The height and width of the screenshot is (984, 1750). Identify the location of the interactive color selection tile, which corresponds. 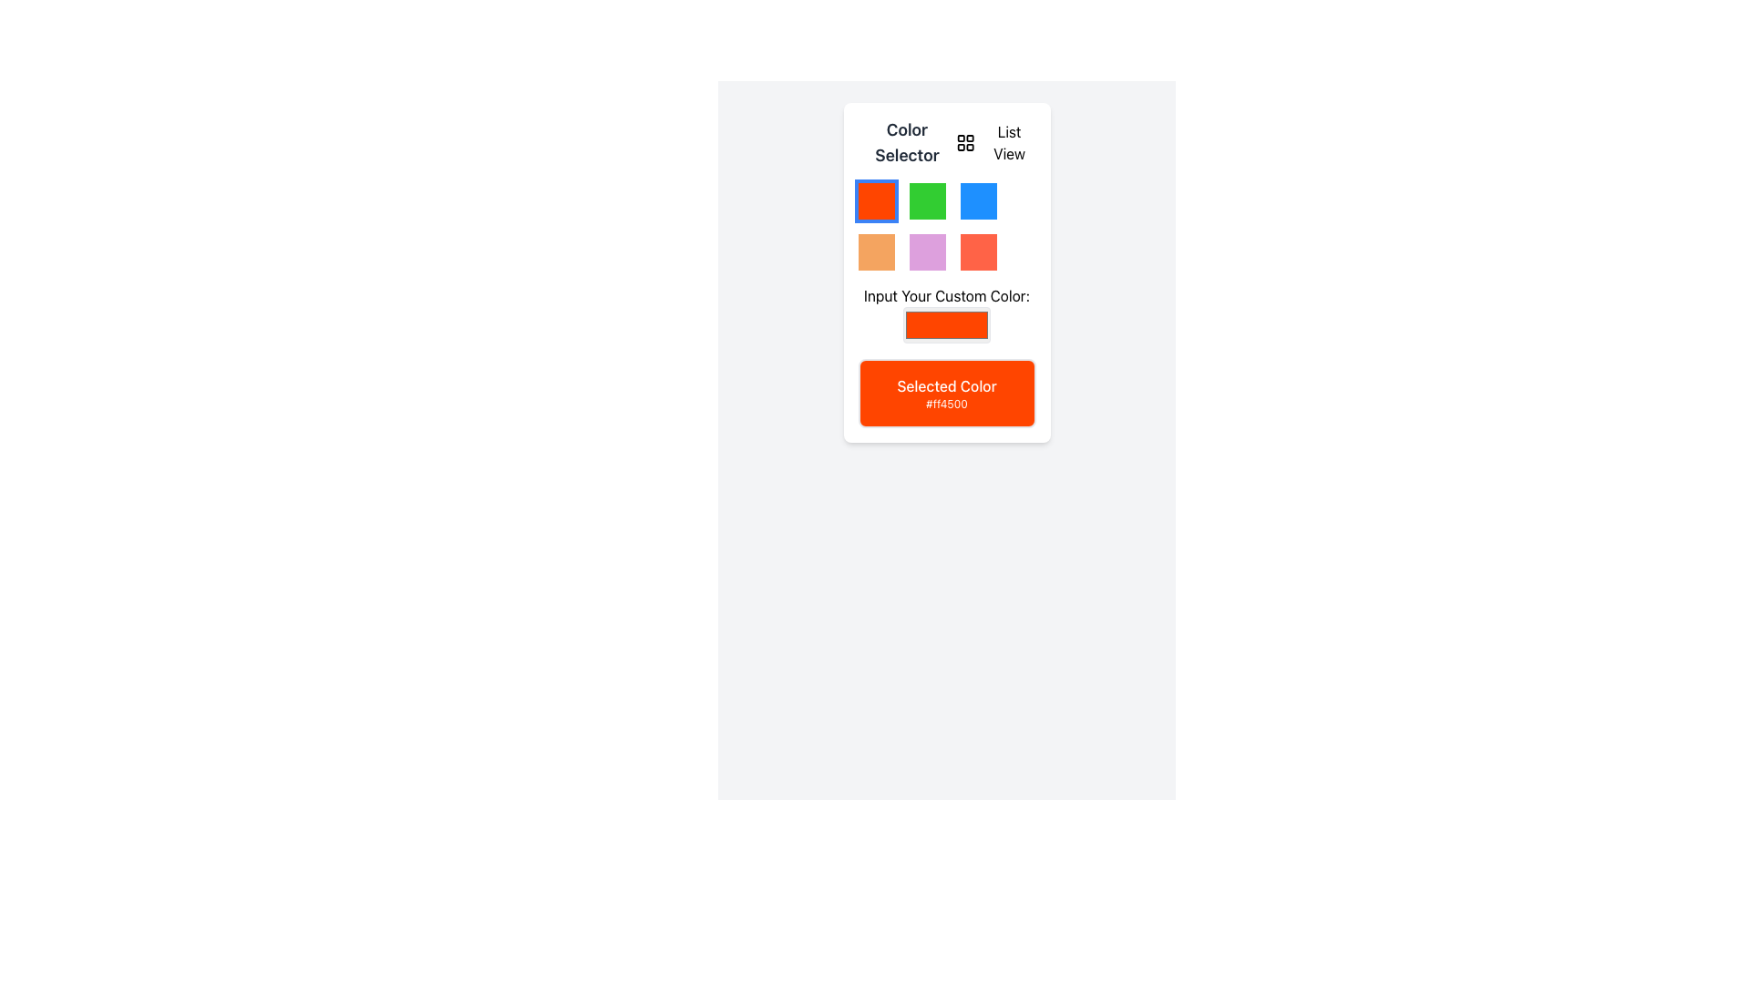
(876, 252).